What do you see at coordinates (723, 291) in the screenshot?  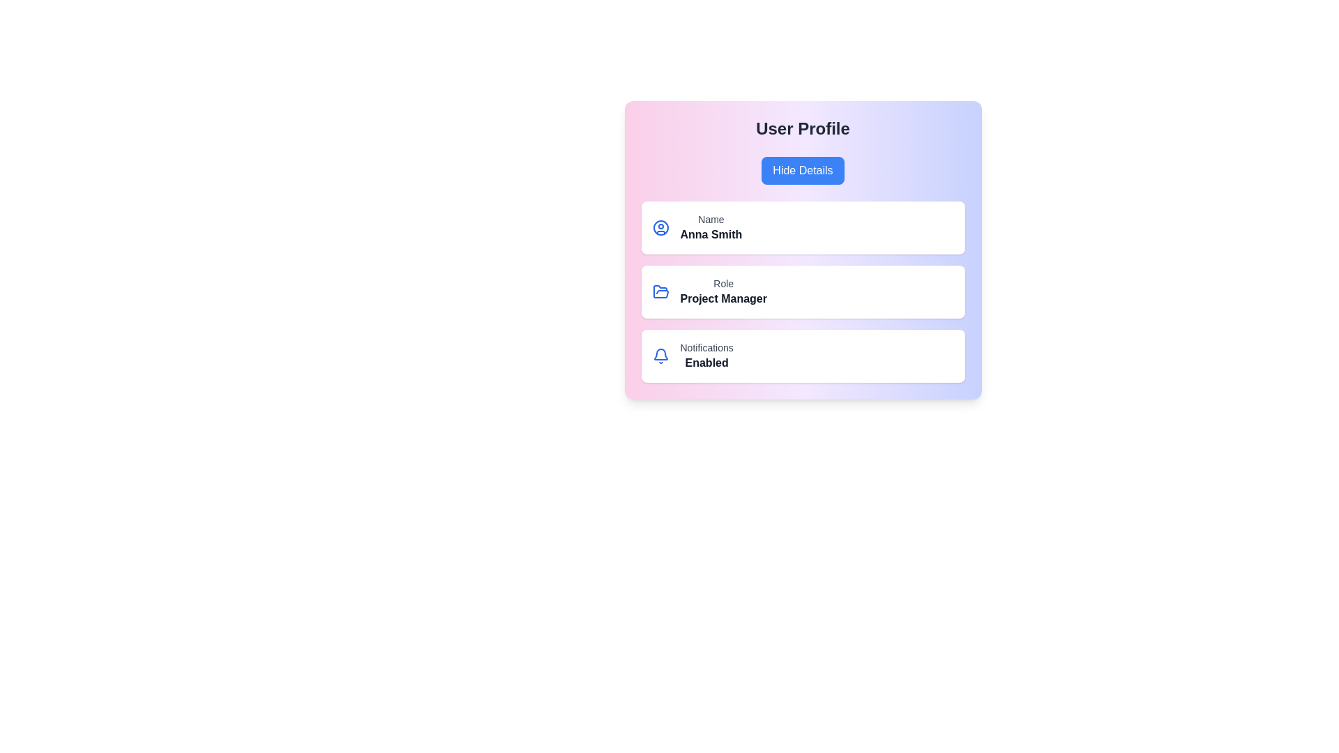 I see `the Text information display indicating the user's role, which shows 'Role: Project Manager', located in the second row of the profile card` at bounding box center [723, 291].